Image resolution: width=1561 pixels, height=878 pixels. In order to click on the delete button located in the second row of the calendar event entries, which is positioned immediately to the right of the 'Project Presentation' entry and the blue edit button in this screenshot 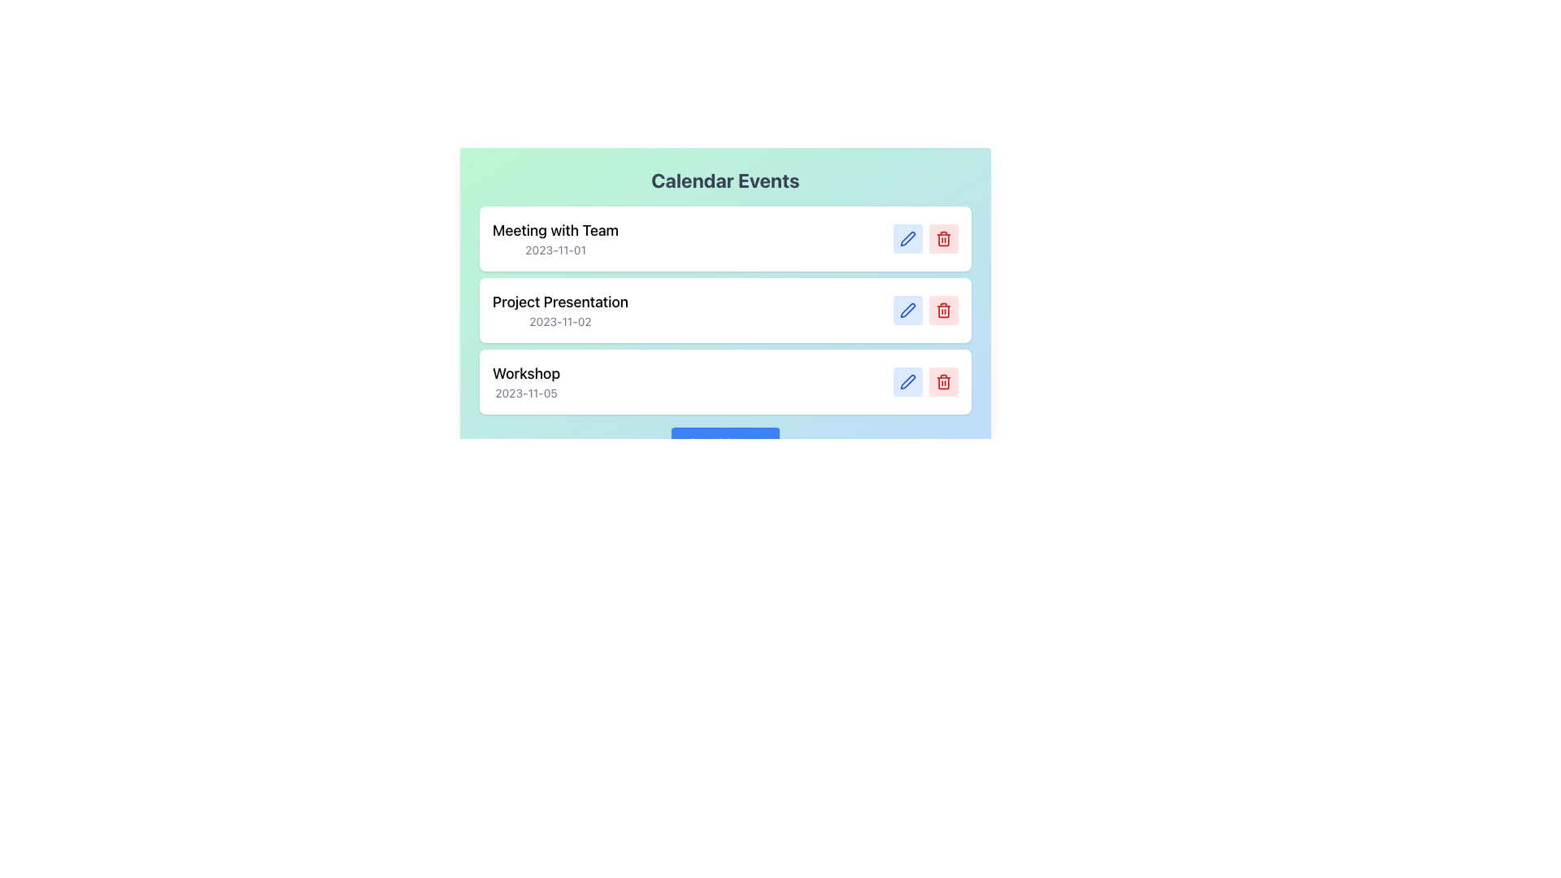, I will do `click(944, 310)`.